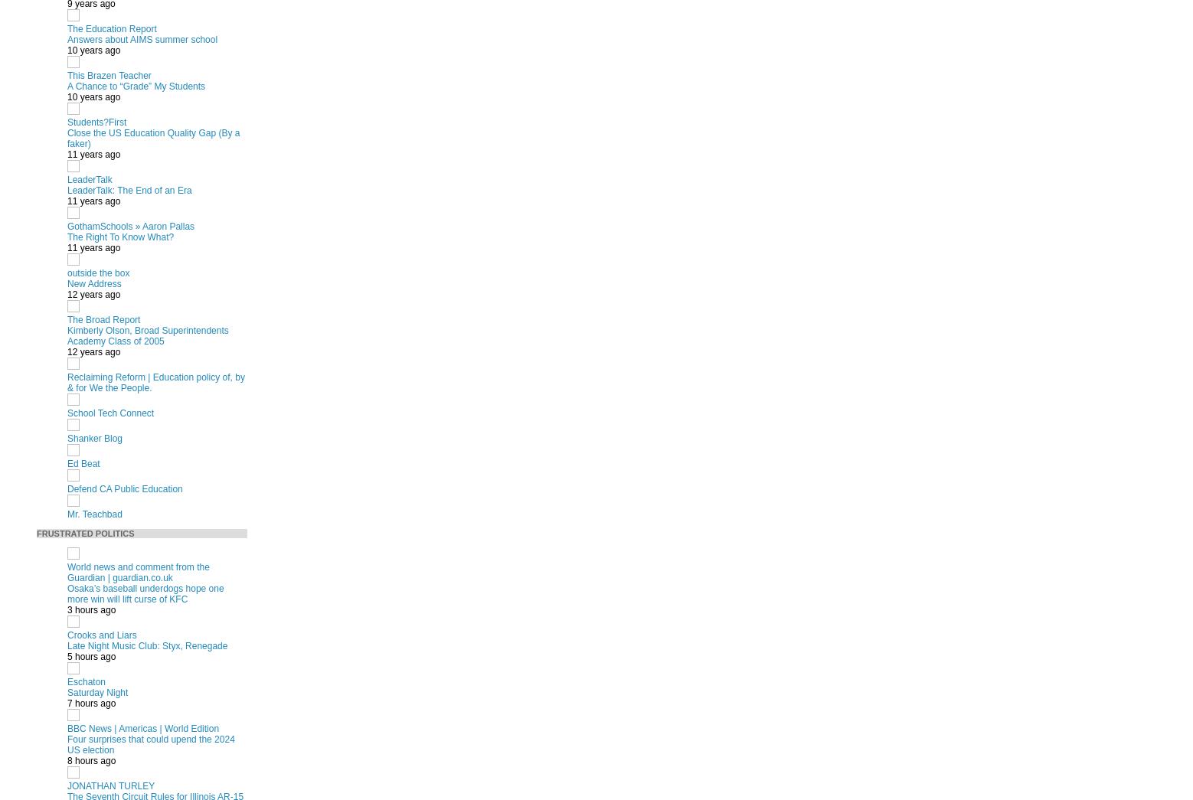 This screenshot has width=1193, height=800. What do you see at coordinates (67, 655) in the screenshot?
I see `'5 hours ago'` at bounding box center [67, 655].